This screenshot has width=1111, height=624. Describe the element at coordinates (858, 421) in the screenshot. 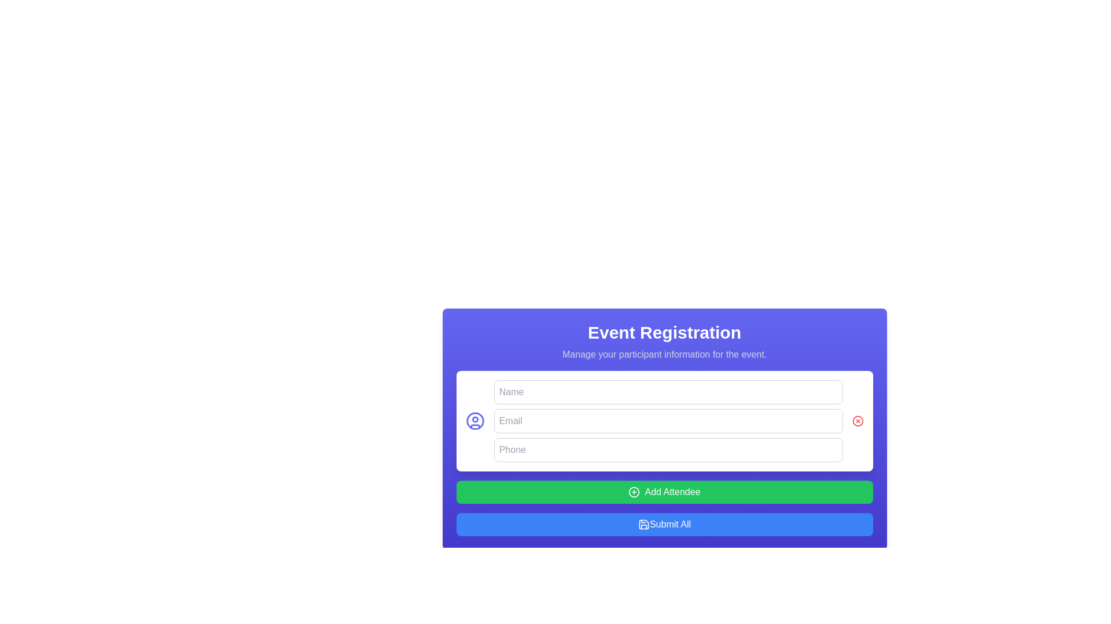

I see `the delete button located at the far-right end of the 'Email' input field` at that location.